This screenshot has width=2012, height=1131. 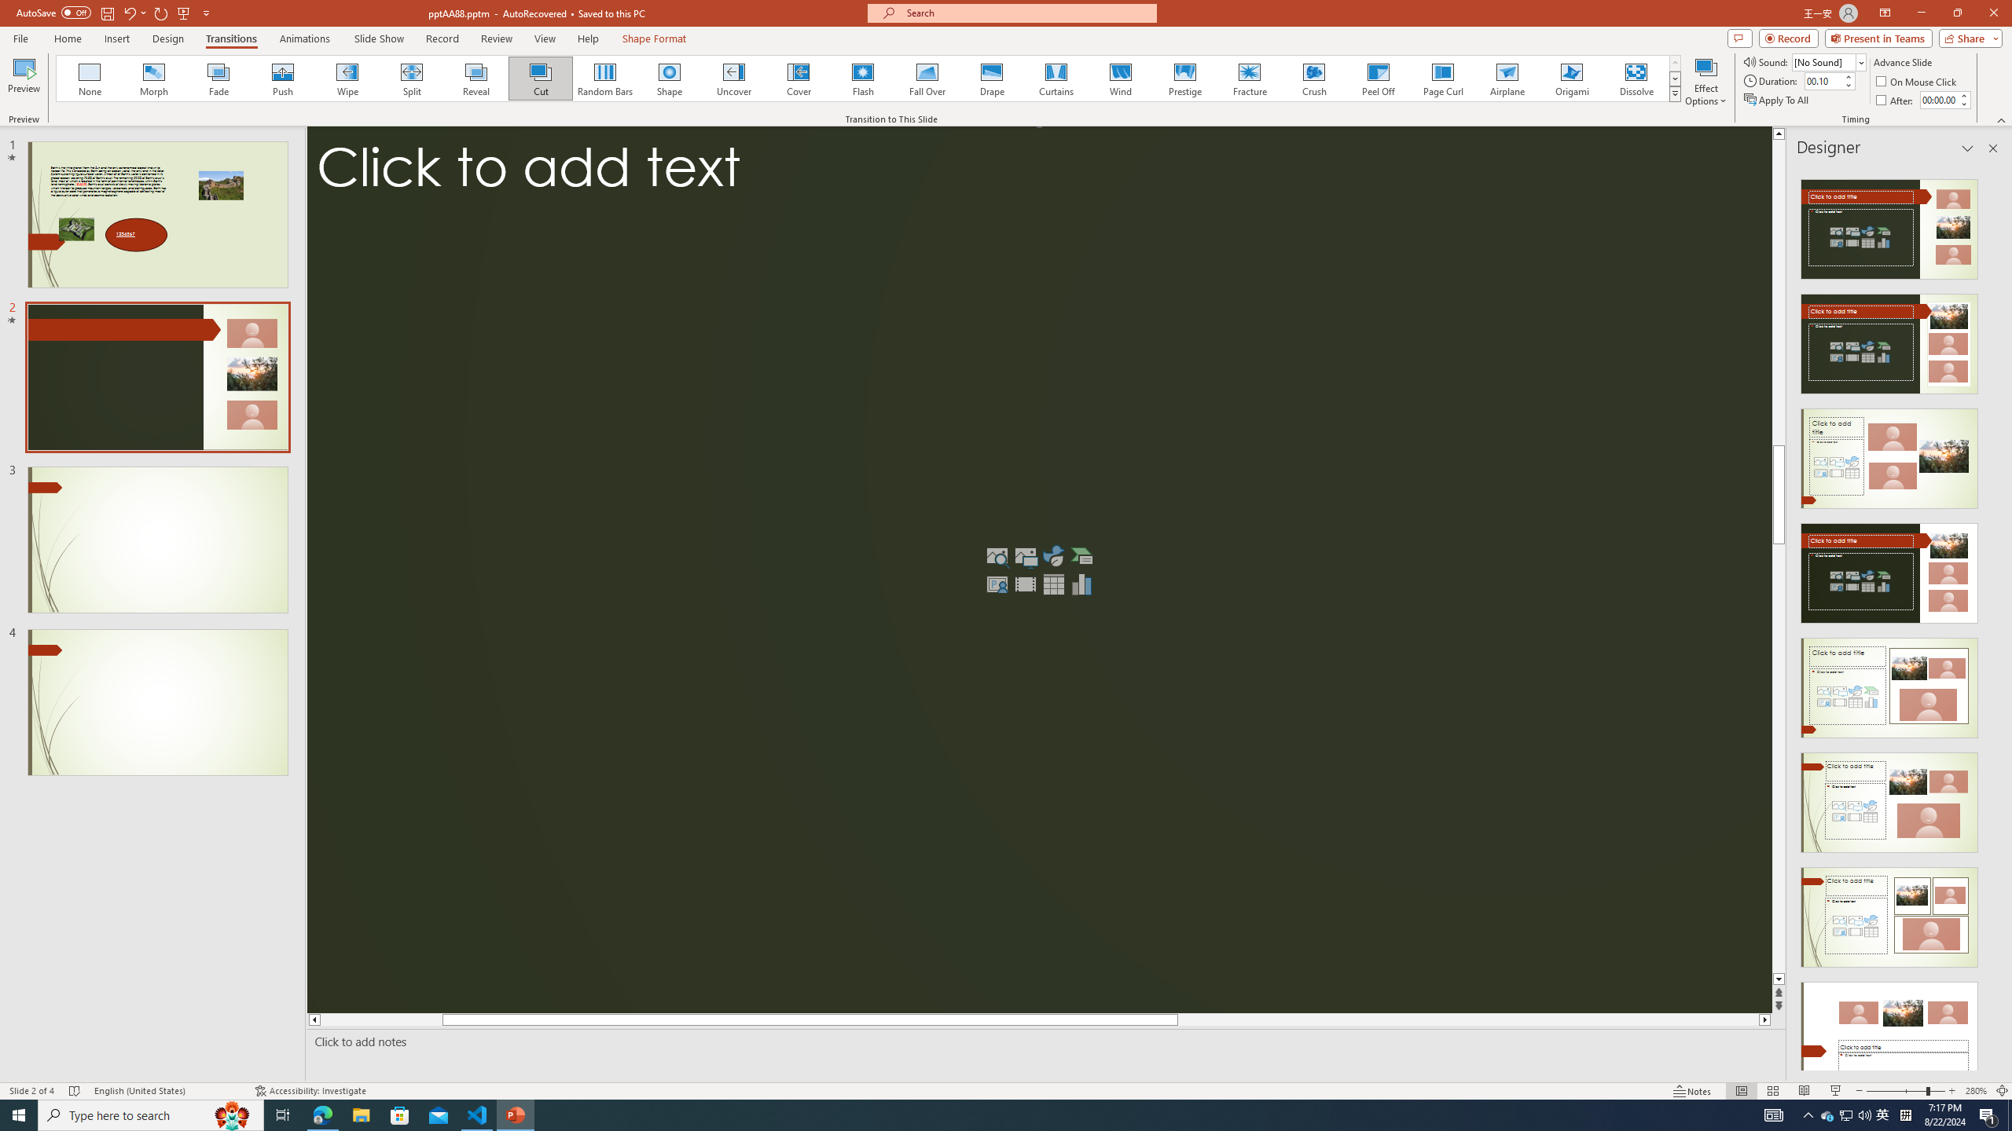 What do you see at coordinates (90, 78) in the screenshot?
I see `'None'` at bounding box center [90, 78].